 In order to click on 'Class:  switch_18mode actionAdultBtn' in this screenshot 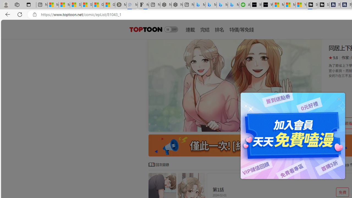, I will do `click(171, 29)`.